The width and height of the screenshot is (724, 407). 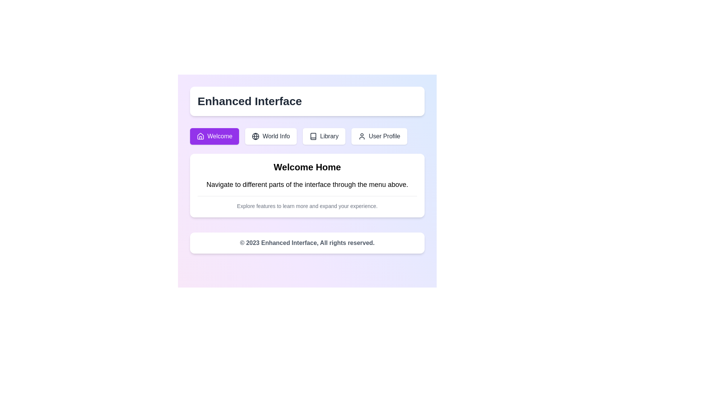 I want to click on the circular graphic representing the World Info section of the top navigation menu, so click(x=256, y=136).